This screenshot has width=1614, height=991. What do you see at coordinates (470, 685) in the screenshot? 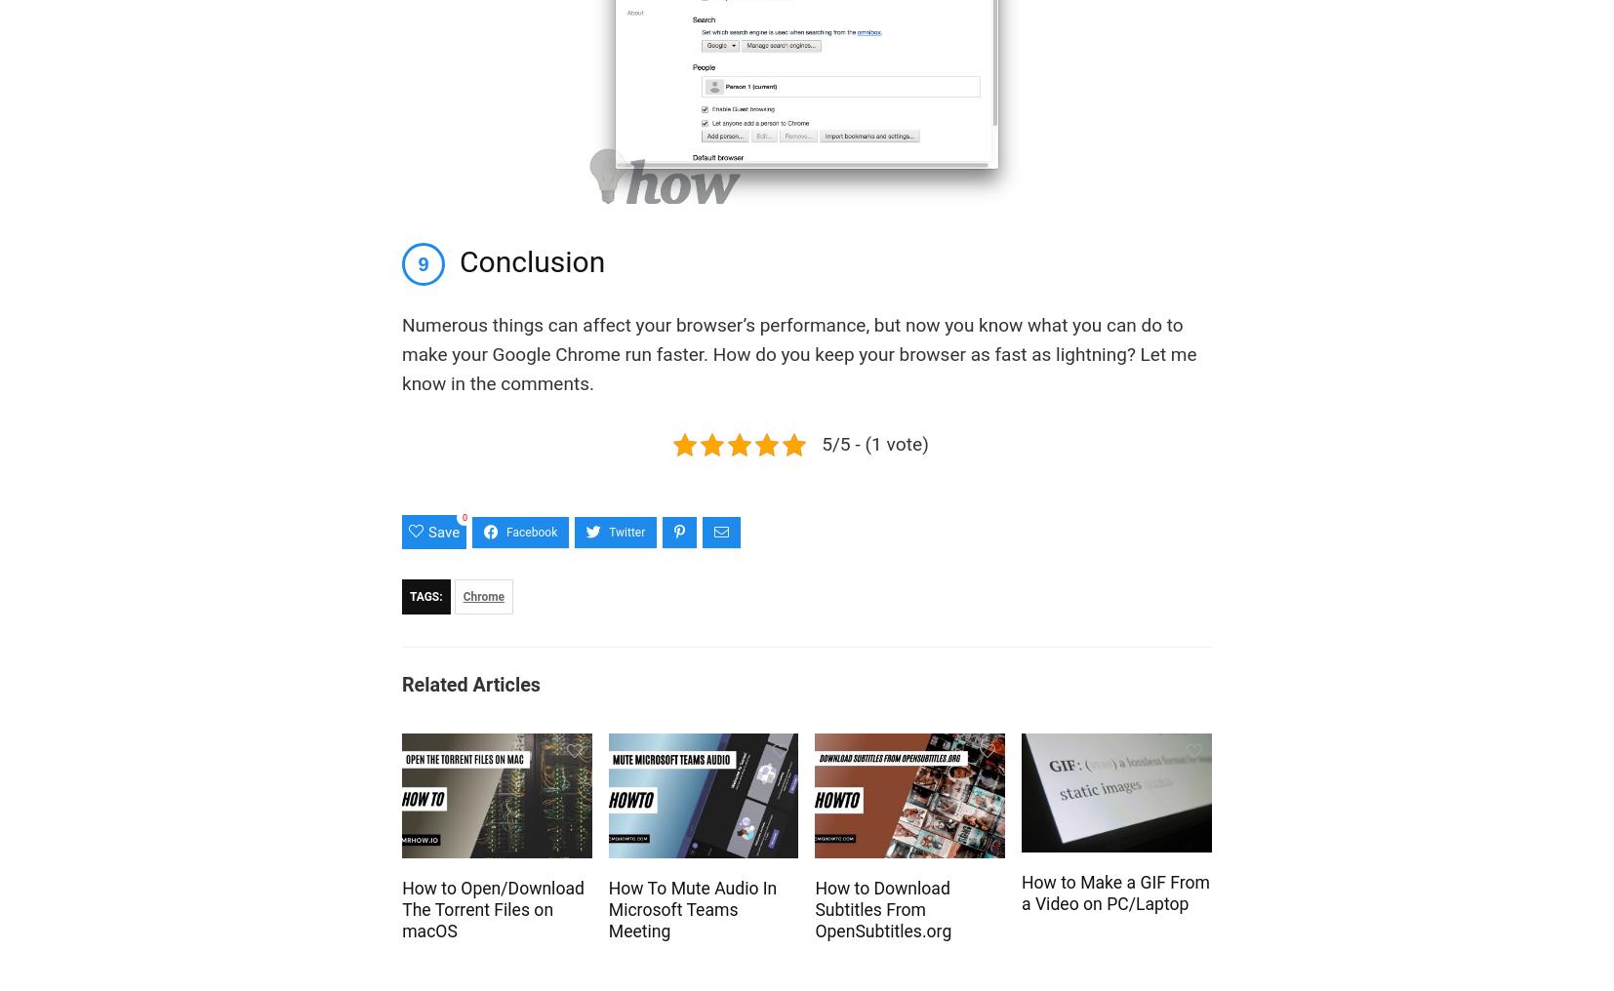
I see `'Related Articles'` at bounding box center [470, 685].